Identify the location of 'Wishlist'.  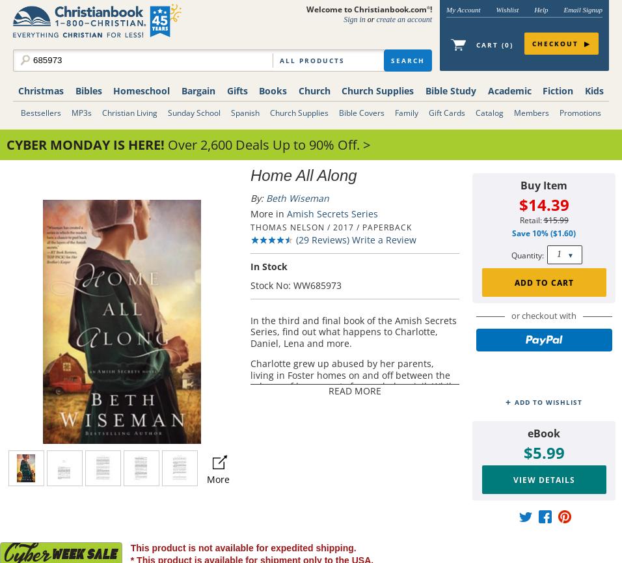
(506, 9).